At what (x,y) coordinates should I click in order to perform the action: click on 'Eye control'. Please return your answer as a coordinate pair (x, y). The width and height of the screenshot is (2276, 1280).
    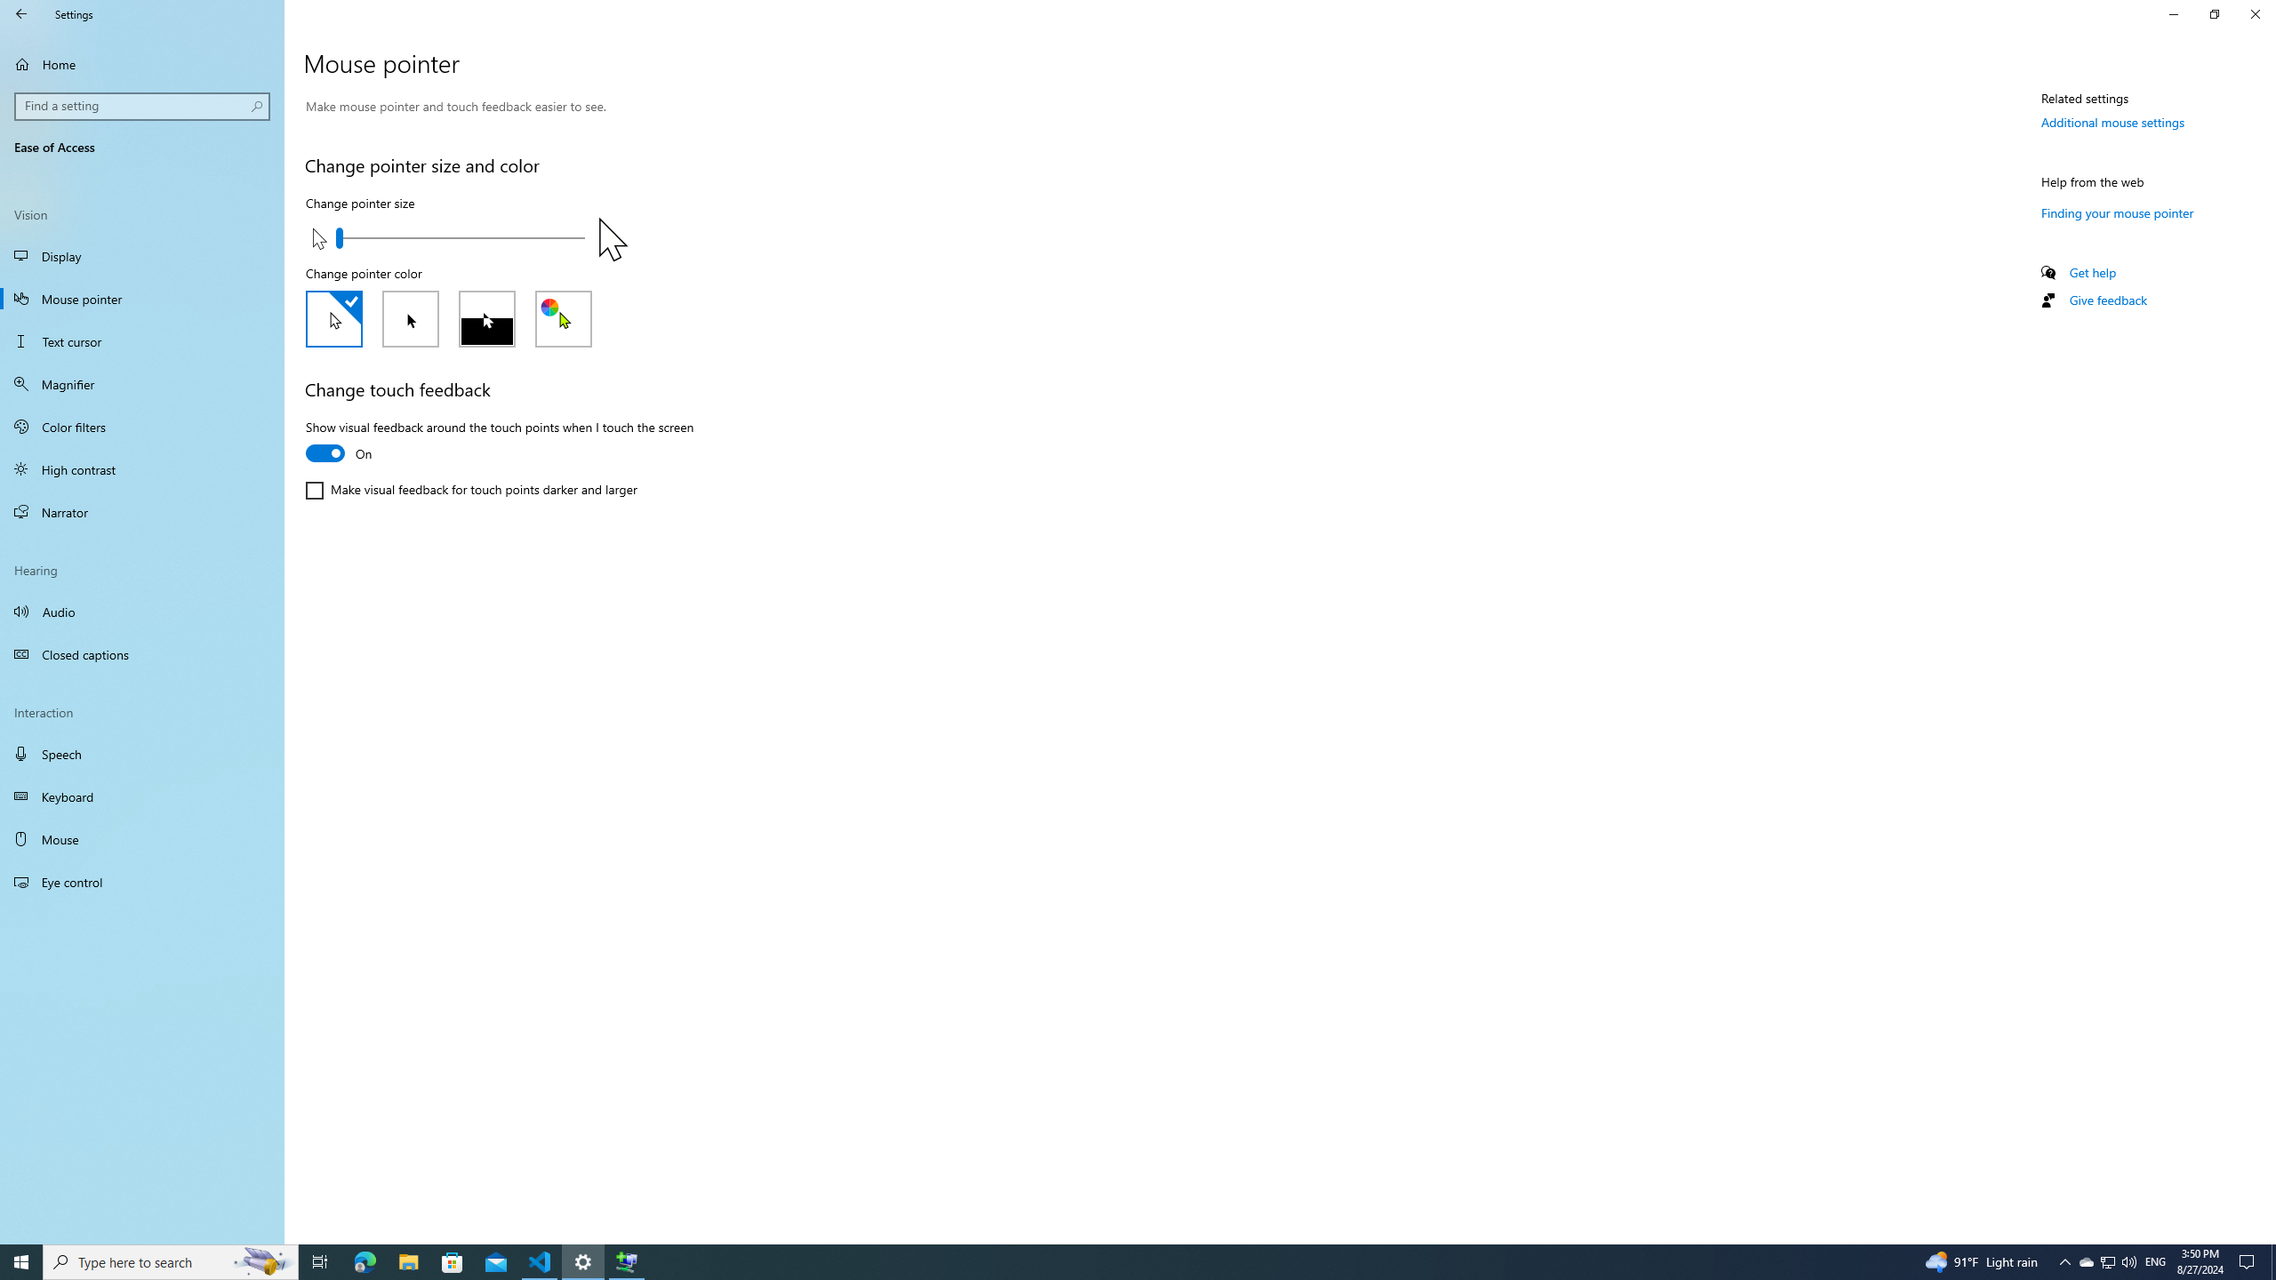
    Looking at the image, I should click on (141, 881).